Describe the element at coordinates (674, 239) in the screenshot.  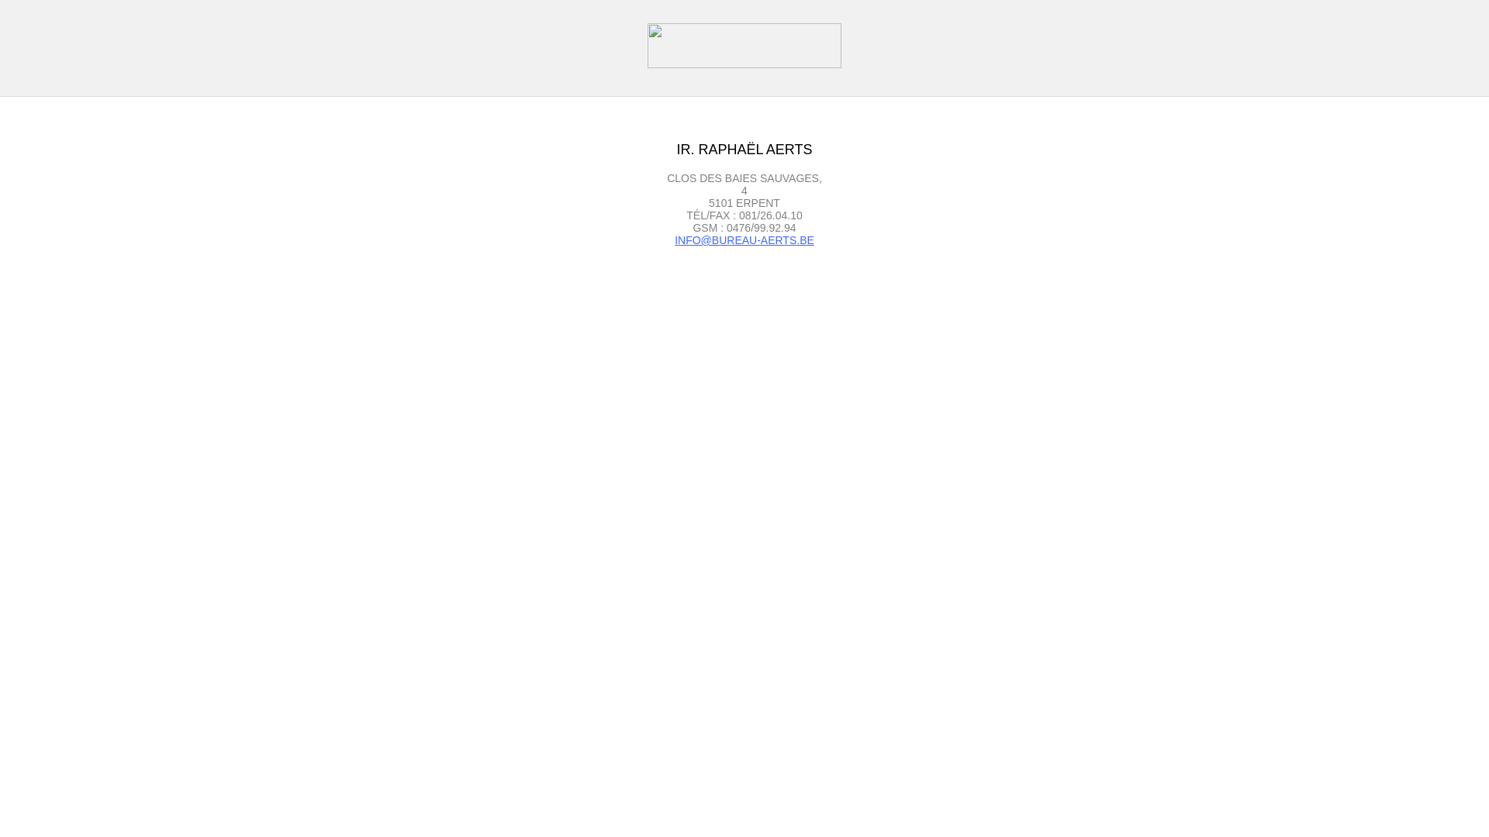
I see `'INFO@BUREAU-AERTS.BE'` at that location.